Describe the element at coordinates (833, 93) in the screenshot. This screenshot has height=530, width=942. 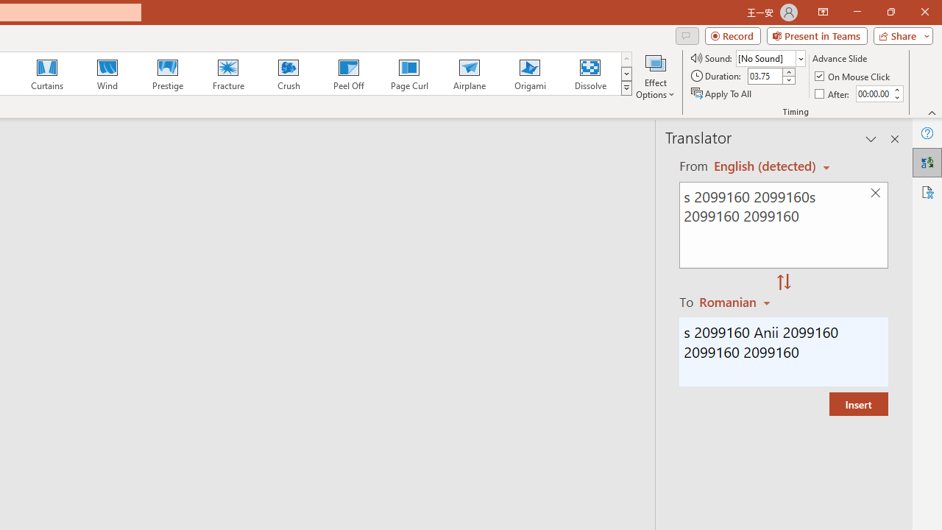
I see `'After'` at that location.